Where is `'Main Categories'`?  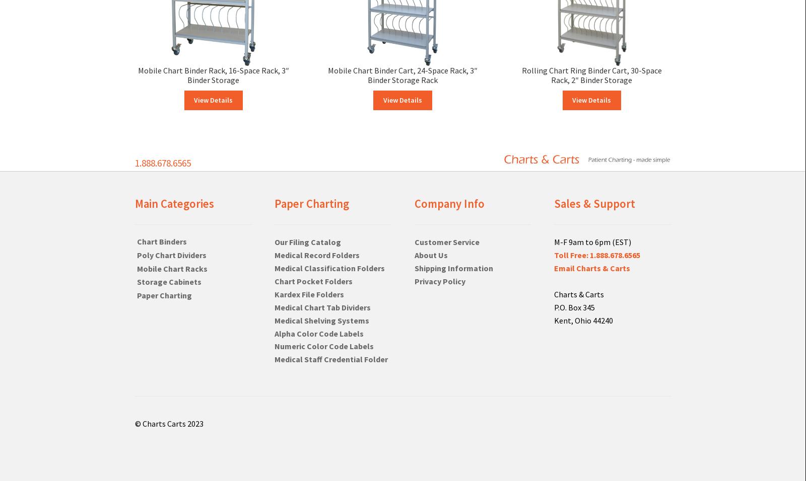
'Main Categories' is located at coordinates (174, 203).